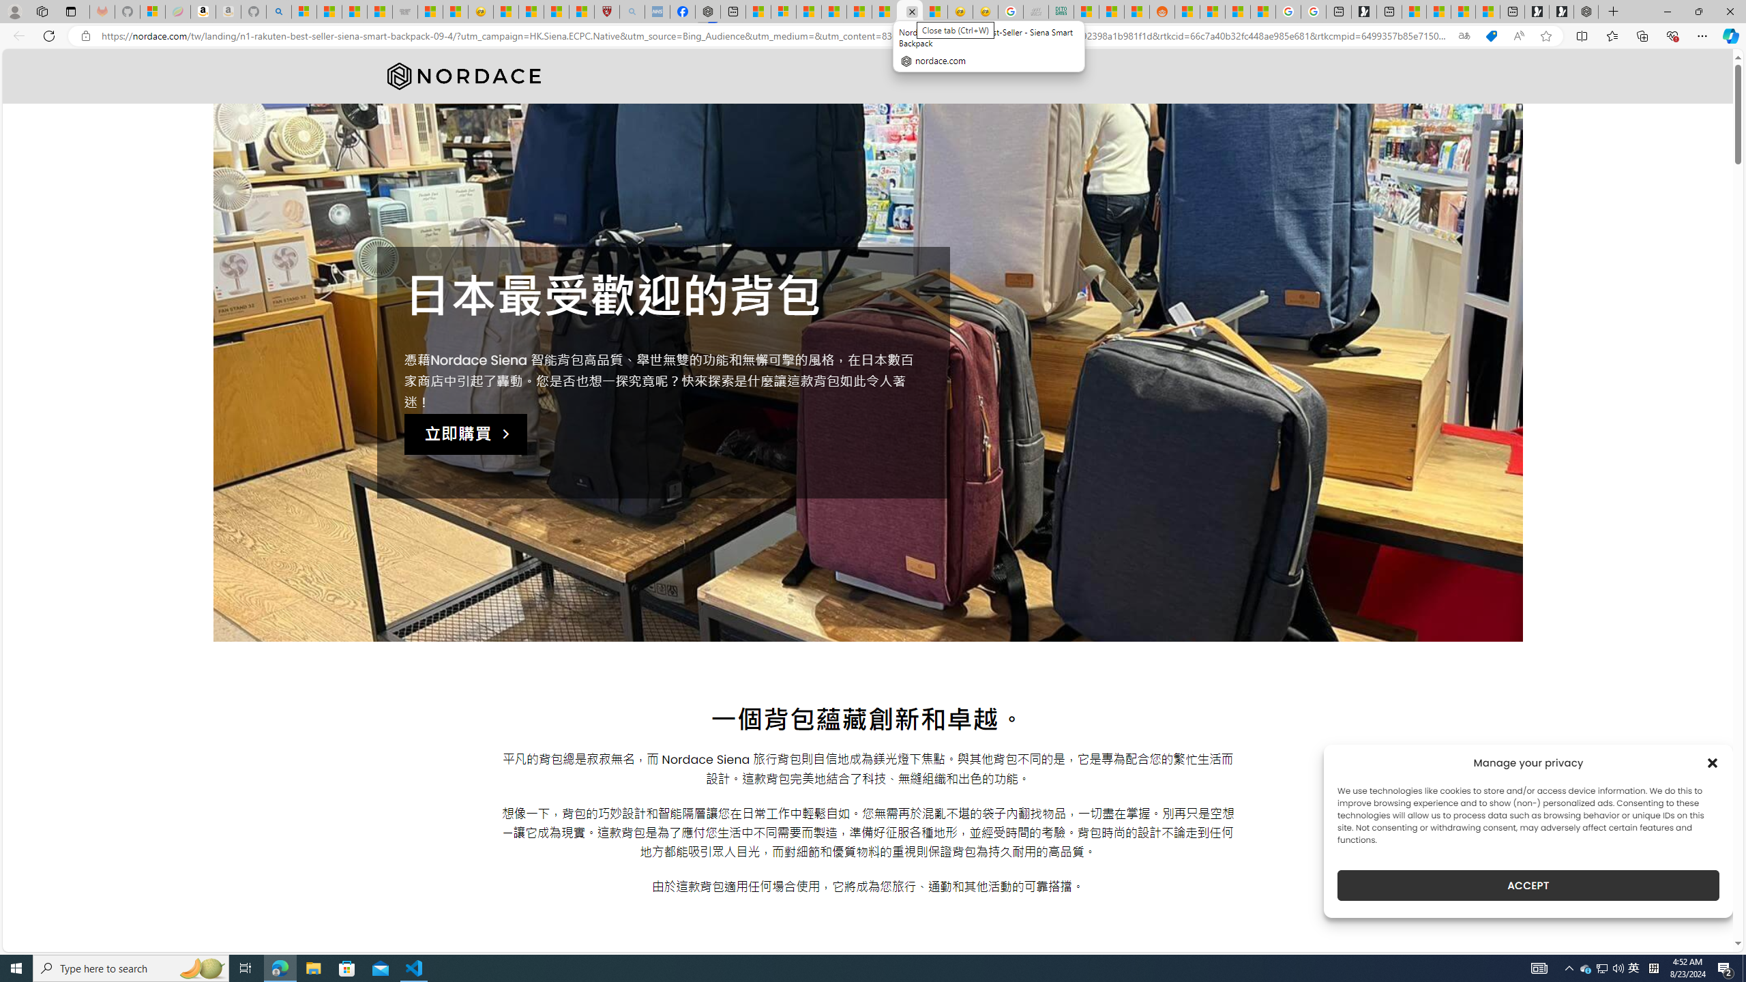 The width and height of the screenshot is (1746, 982). I want to click on 'View site information', so click(85, 36).